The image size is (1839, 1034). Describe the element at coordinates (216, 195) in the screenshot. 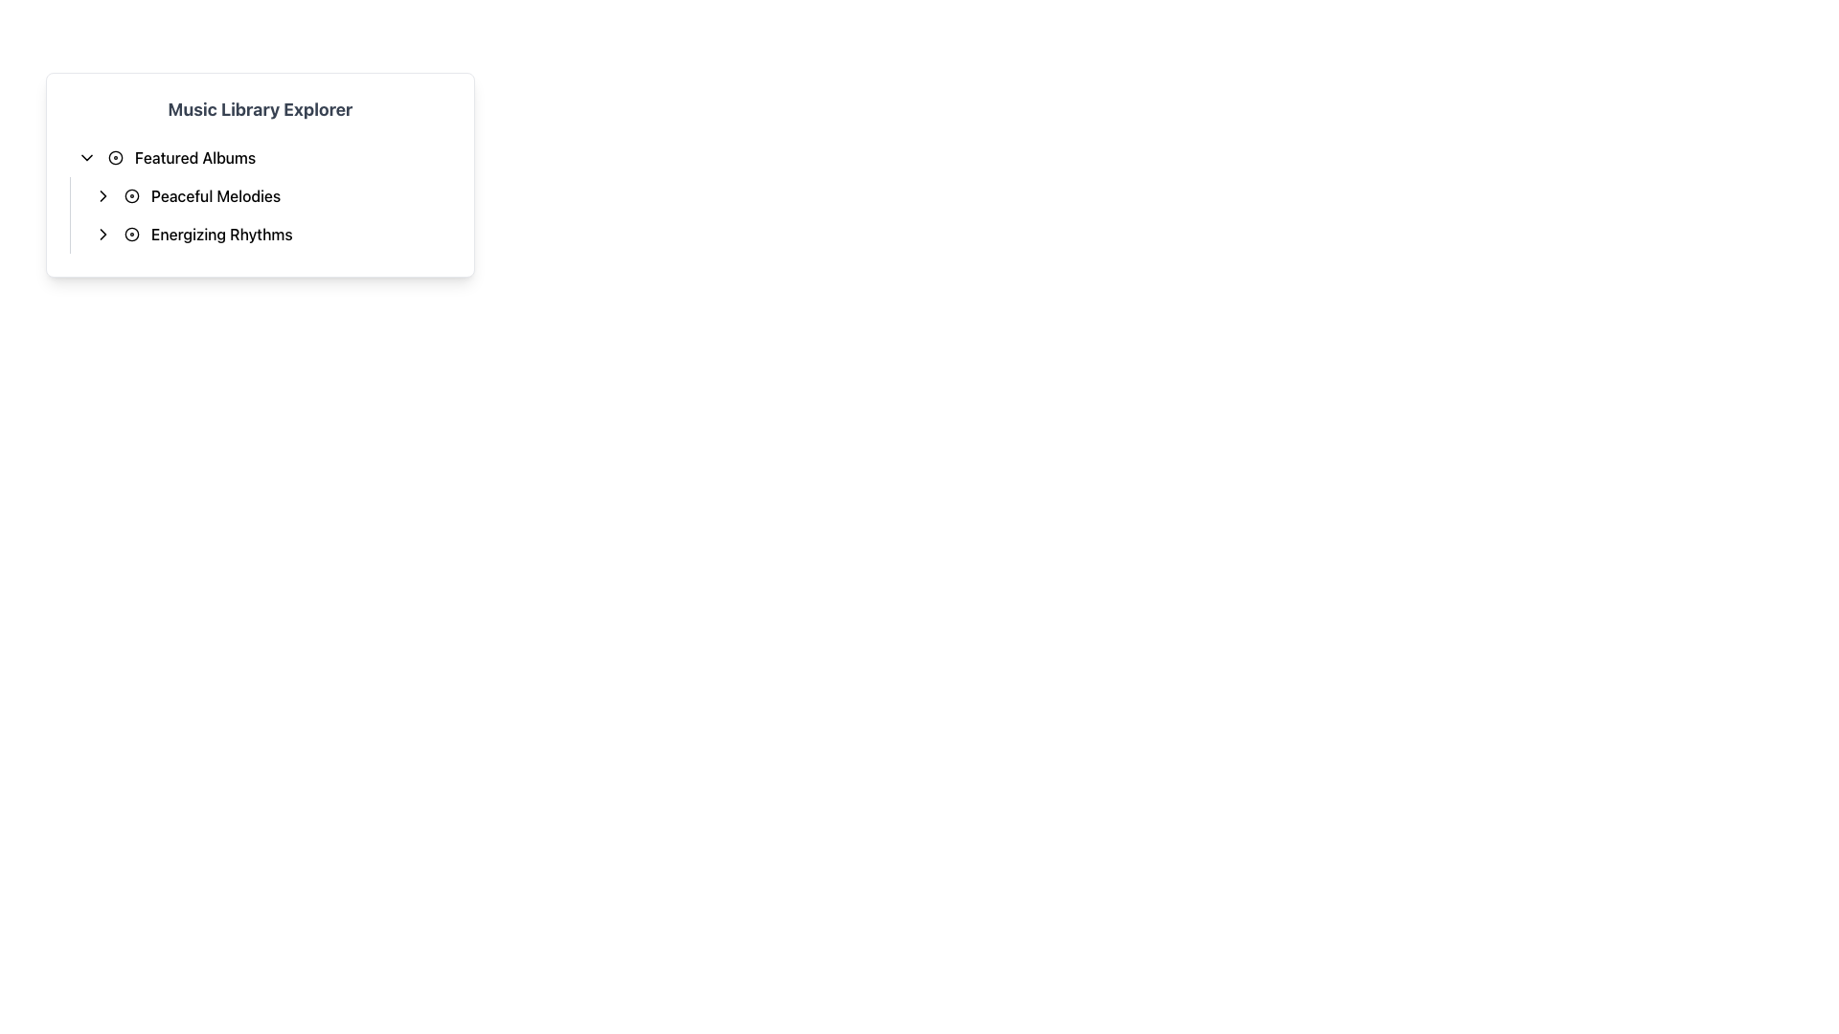

I see `the text label reading 'Peaceful Melodies' within the 'Featured Albums' section of the Music Library Explorer` at that location.